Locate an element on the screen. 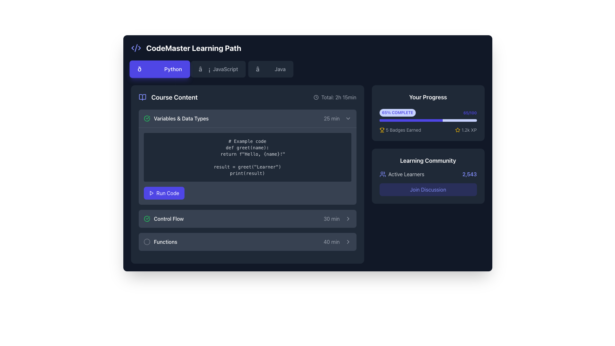 This screenshot has width=615, height=346. the code snippet block with a dark gray background and labeled 'Example code' in the 'Variables & Data Types' section is located at coordinates (247, 166).